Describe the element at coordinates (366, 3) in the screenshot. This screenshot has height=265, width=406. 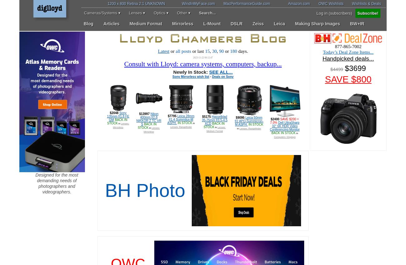
I see `'Wishlists & Deals'` at that location.